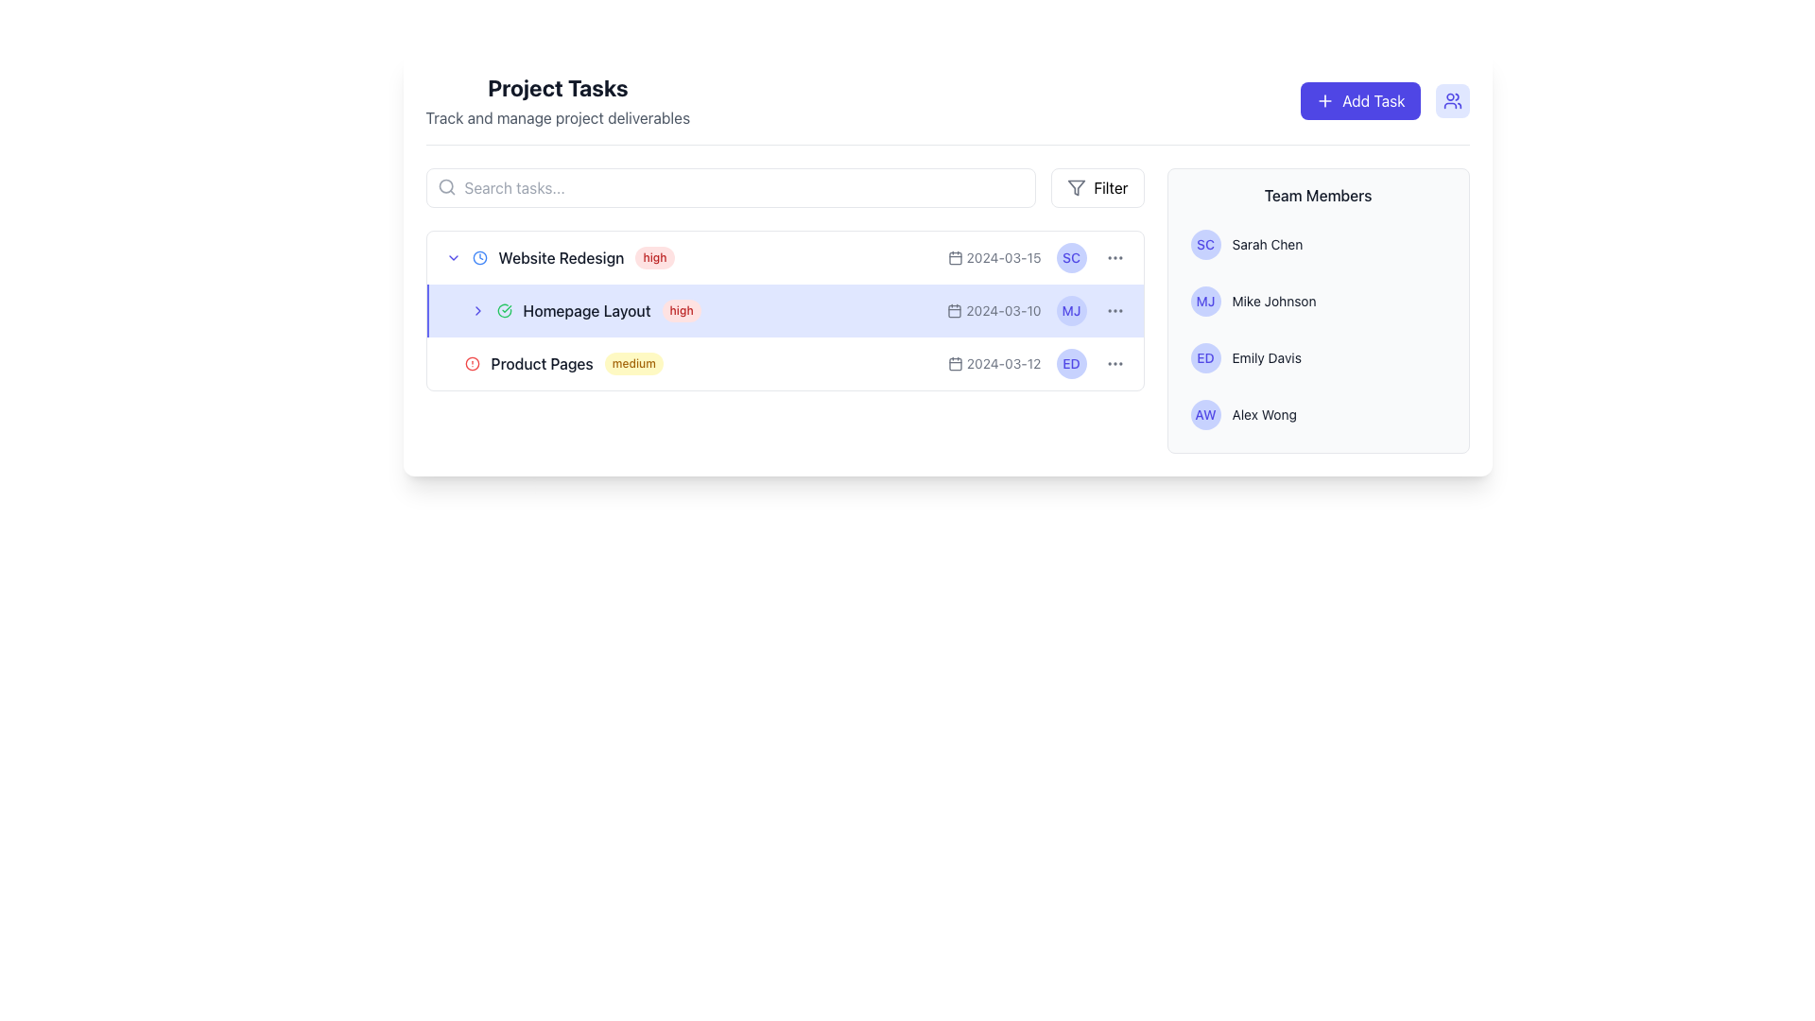  Describe the element at coordinates (1451, 101) in the screenshot. I see `the user-related feature icon located in the top right corner of the interface, adjacent to the 'Add Task' button` at that location.